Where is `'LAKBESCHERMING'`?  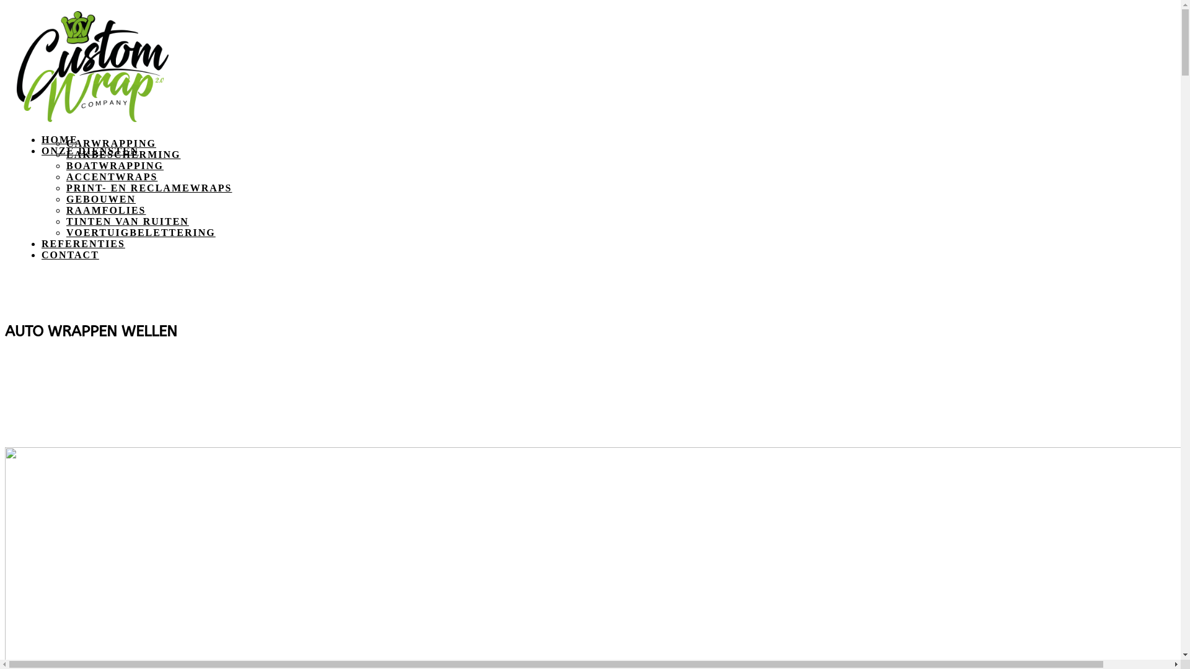
'LAKBESCHERMING' is located at coordinates (123, 154).